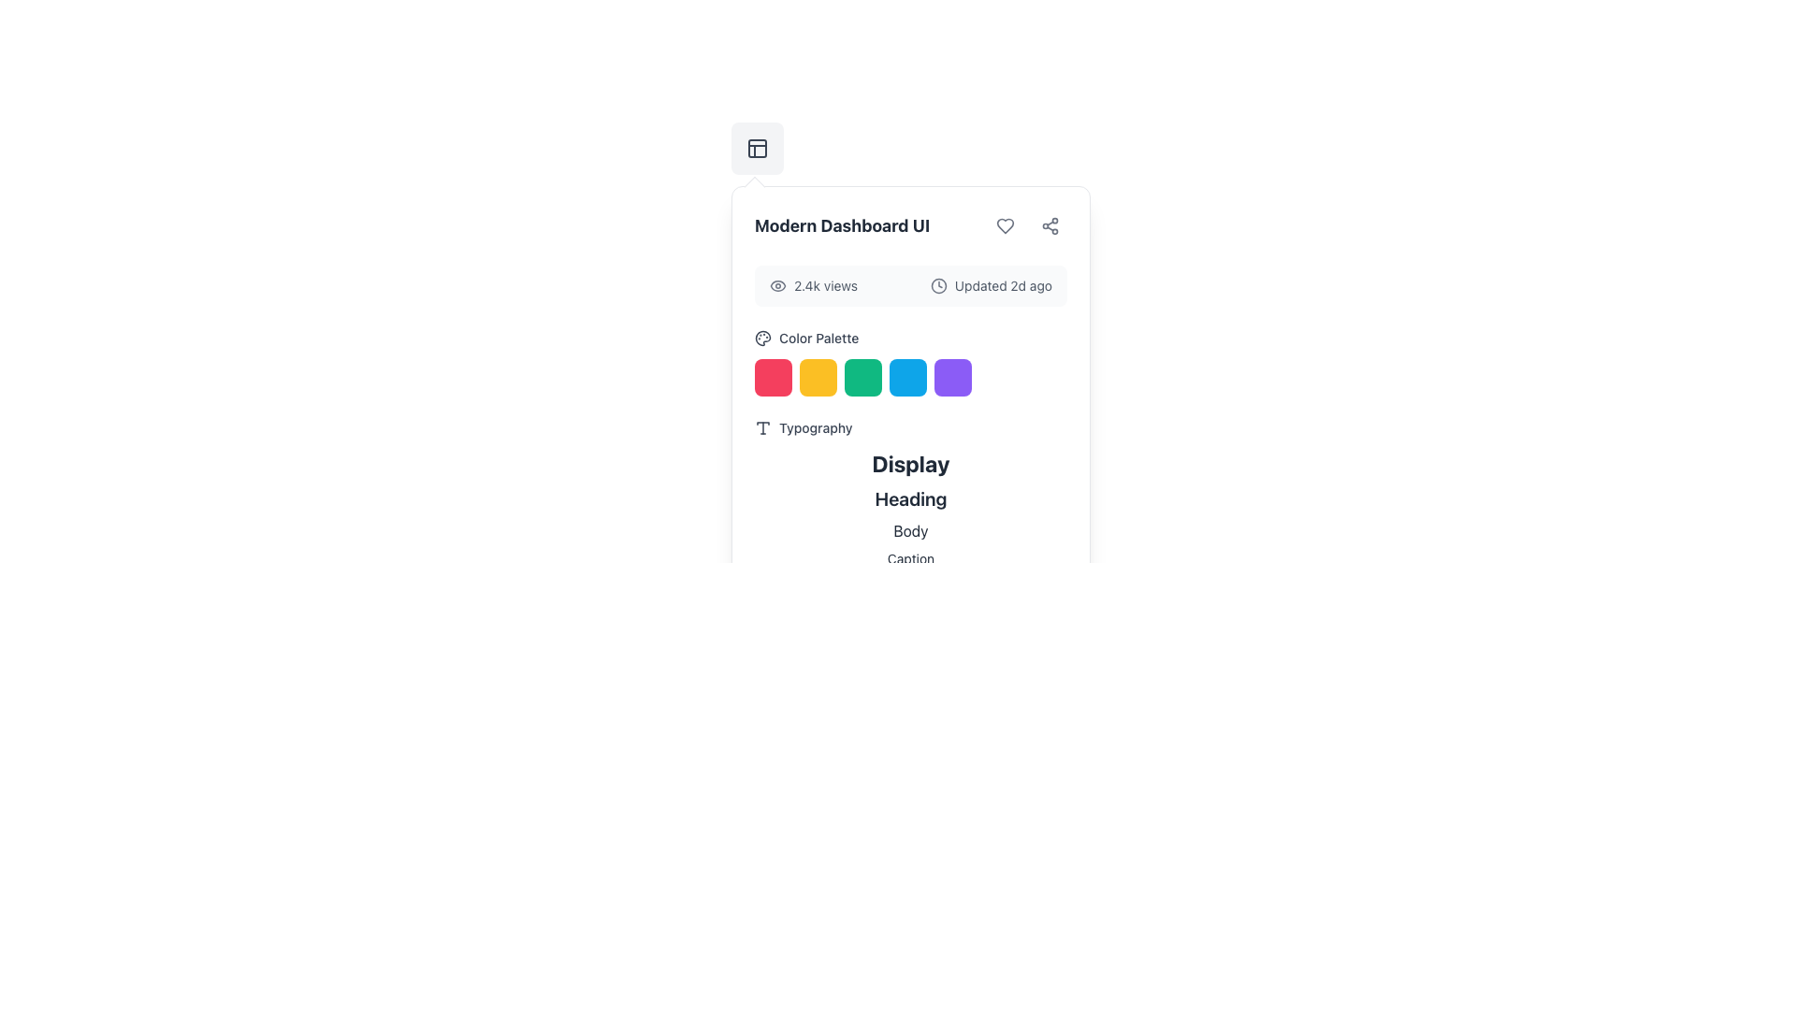 The image size is (1796, 1010). What do you see at coordinates (1050, 225) in the screenshot?
I see `the circular button with a gray share icon, located at the top right corner of the component` at bounding box center [1050, 225].